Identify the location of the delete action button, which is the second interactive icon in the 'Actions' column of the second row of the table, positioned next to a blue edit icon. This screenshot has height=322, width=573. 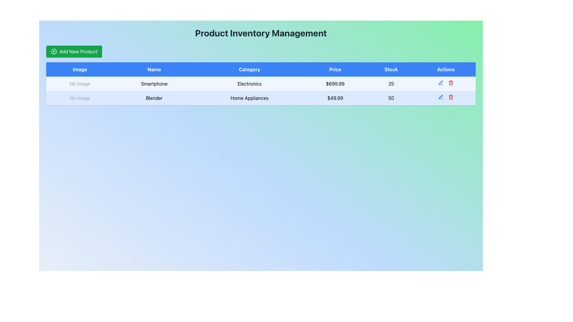
(451, 97).